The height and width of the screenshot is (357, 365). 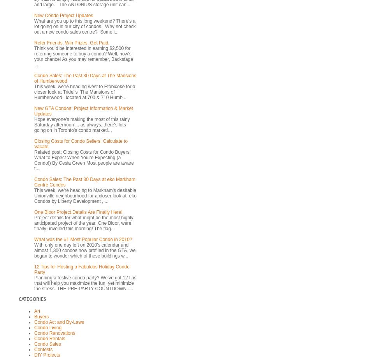 I want to click on 'Contests', so click(x=43, y=348).